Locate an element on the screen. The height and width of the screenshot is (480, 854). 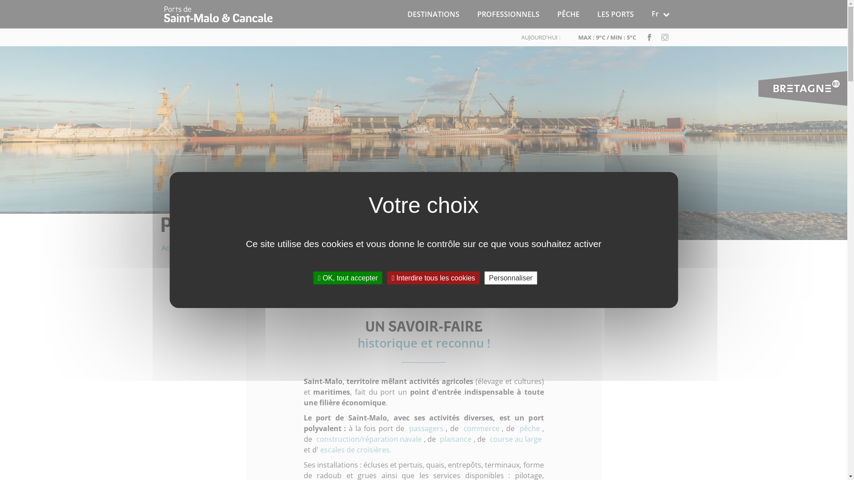
'OK, tout accepter' is located at coordinates (347, 277).